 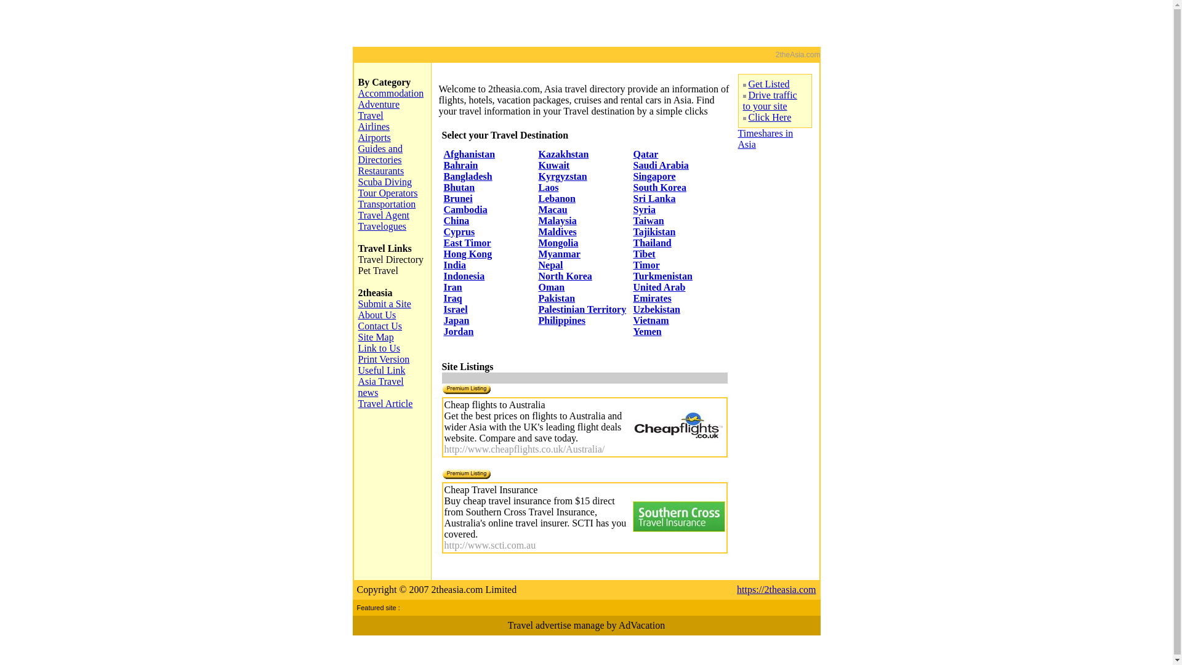 I want to click on 'Print Version', so click(x=384, y=359).